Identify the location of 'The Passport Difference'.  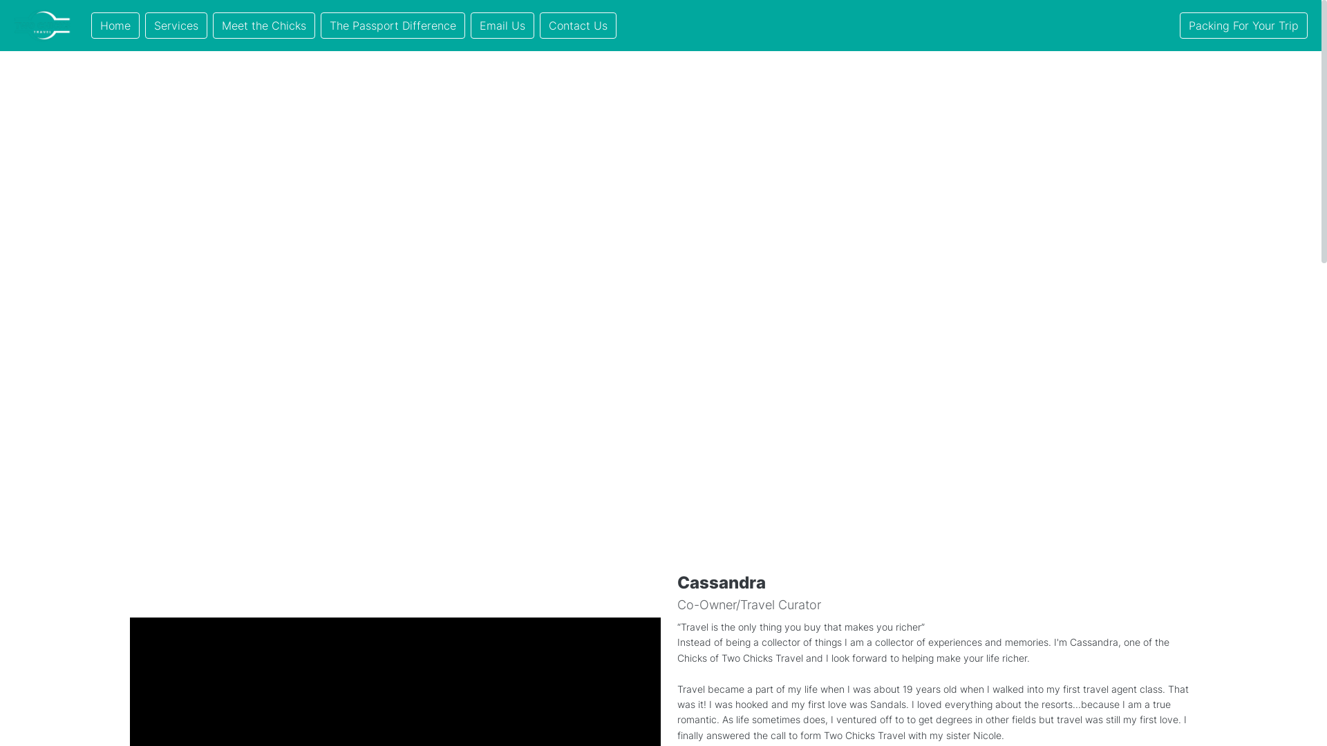
(320, 26).